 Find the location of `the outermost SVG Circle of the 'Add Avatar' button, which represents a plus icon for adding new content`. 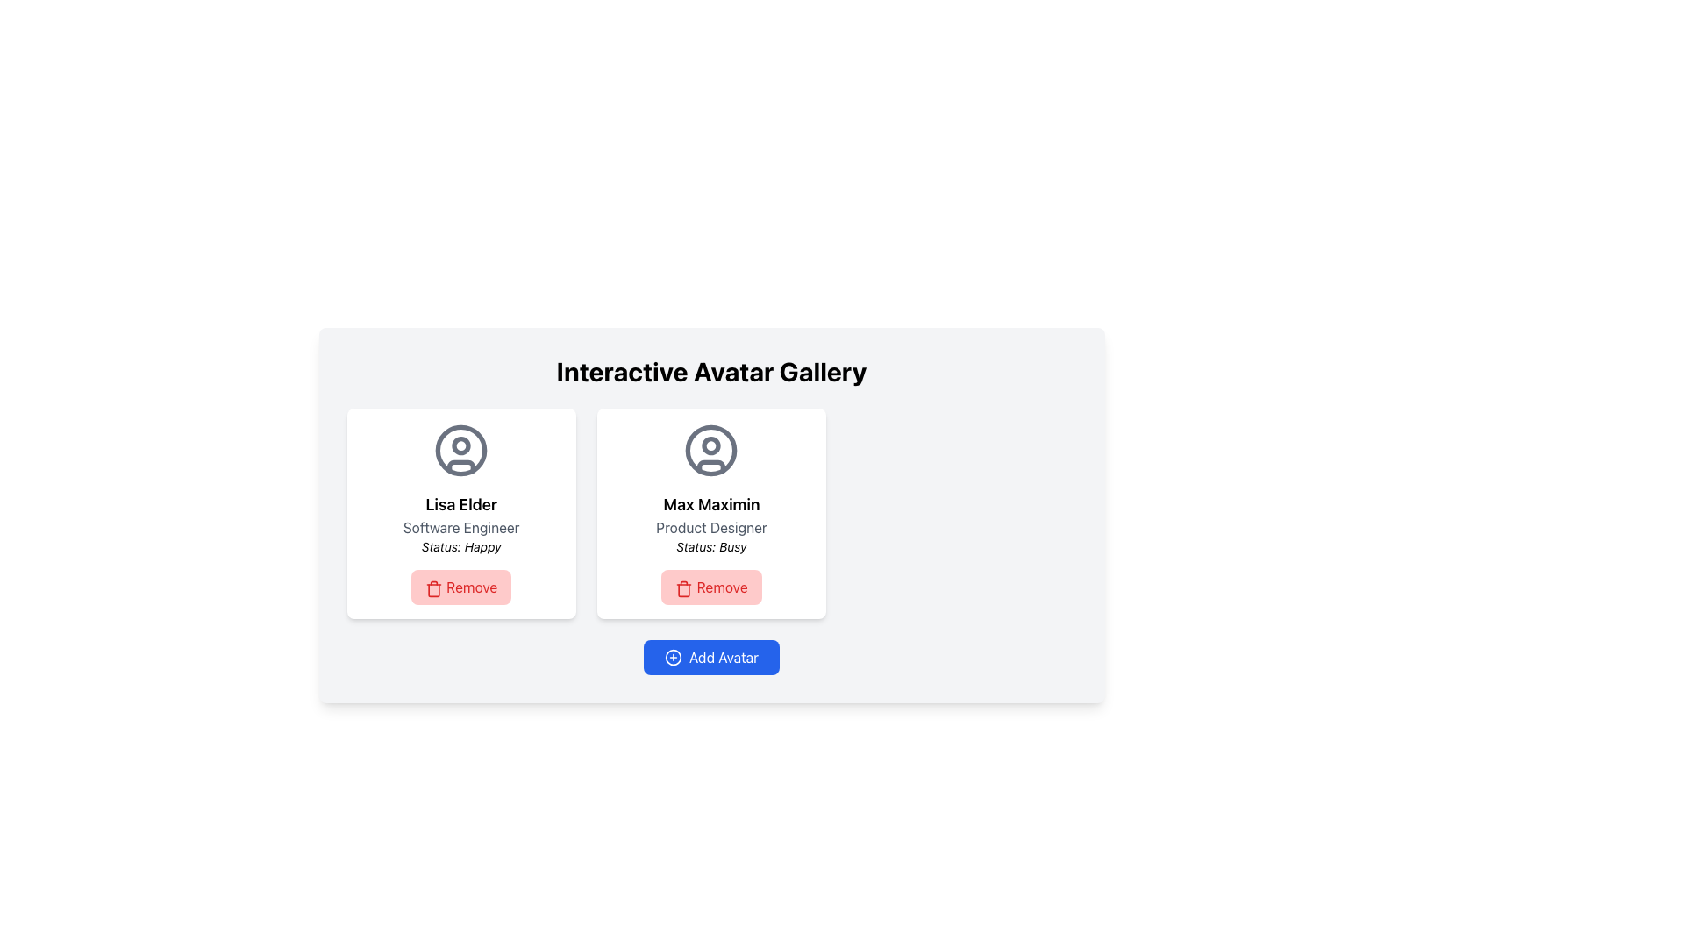

the outermost SVG Circle of the 'Add Avatar' button, which represents a plus icon for adding new content is located at coordinates (673, 657).